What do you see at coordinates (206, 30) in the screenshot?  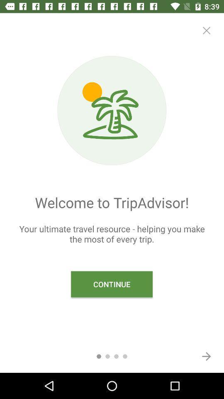 I see `the icon above the your ultimate travel icon` at bounding box center [206, 30].